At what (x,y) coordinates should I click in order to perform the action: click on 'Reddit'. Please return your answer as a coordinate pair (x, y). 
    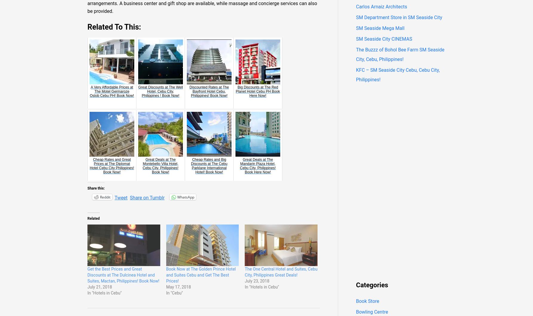
    Looking at the image, I should click on (105, 197).